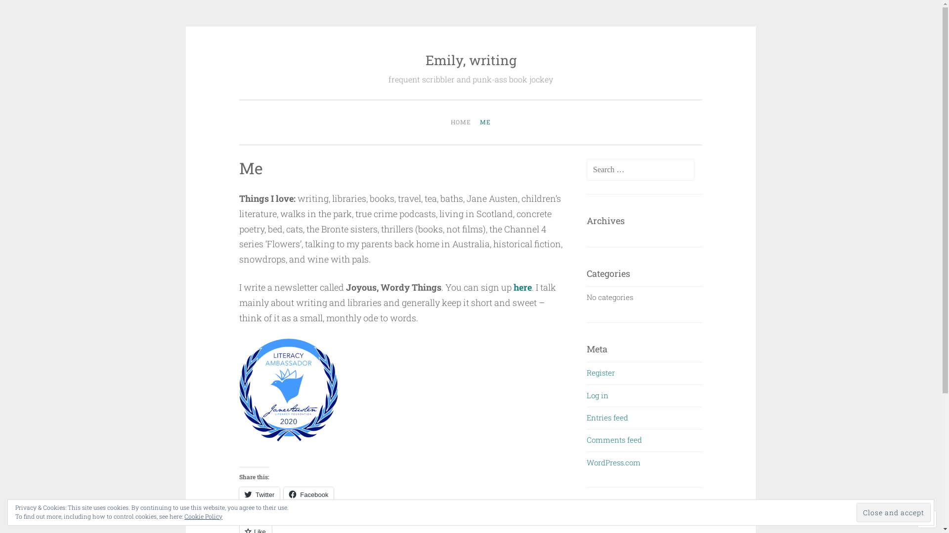  I want to click on 'Close and accept', so click(894, 512).